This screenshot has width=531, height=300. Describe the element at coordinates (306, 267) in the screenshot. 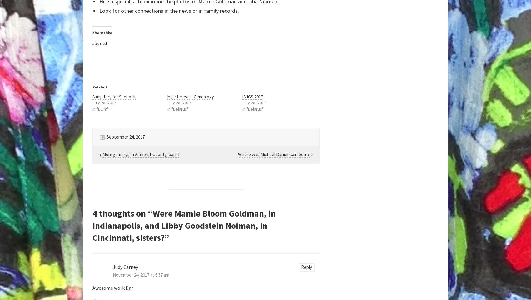

I see `'Reply'` at that location.